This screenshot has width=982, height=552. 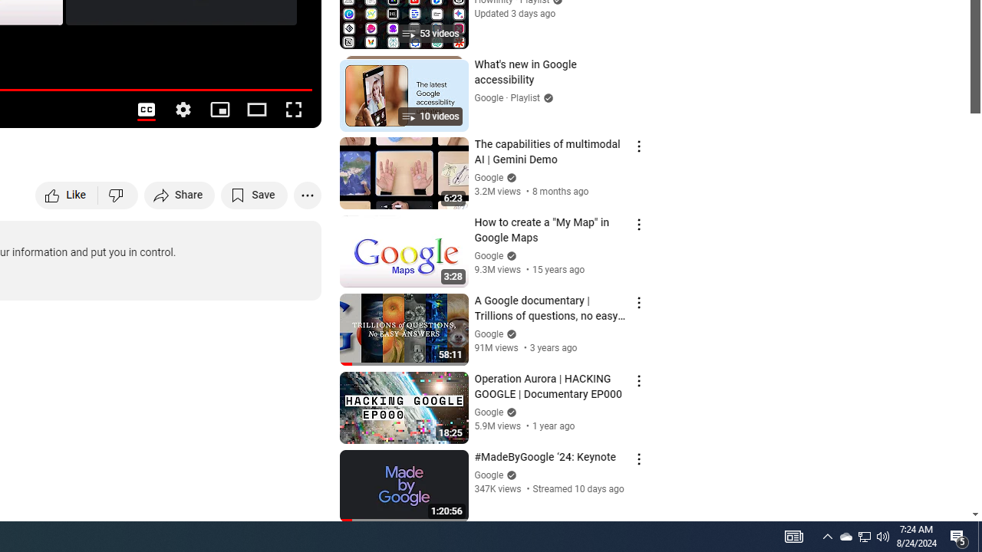 I want to click on 'Share', so click(x=180, y=194).